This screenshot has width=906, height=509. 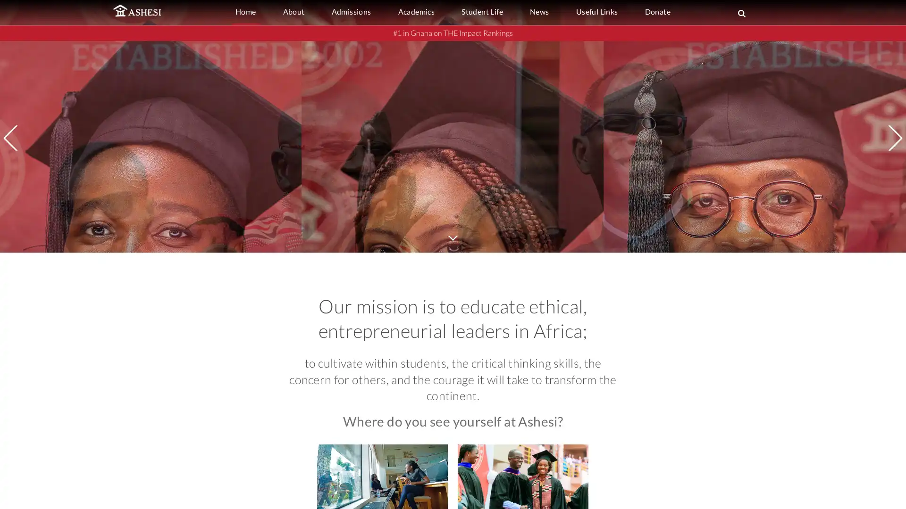 What do you see at coordinates (889, 266) in the screenshot?
I see `Next` at bounding box center [889, 266].